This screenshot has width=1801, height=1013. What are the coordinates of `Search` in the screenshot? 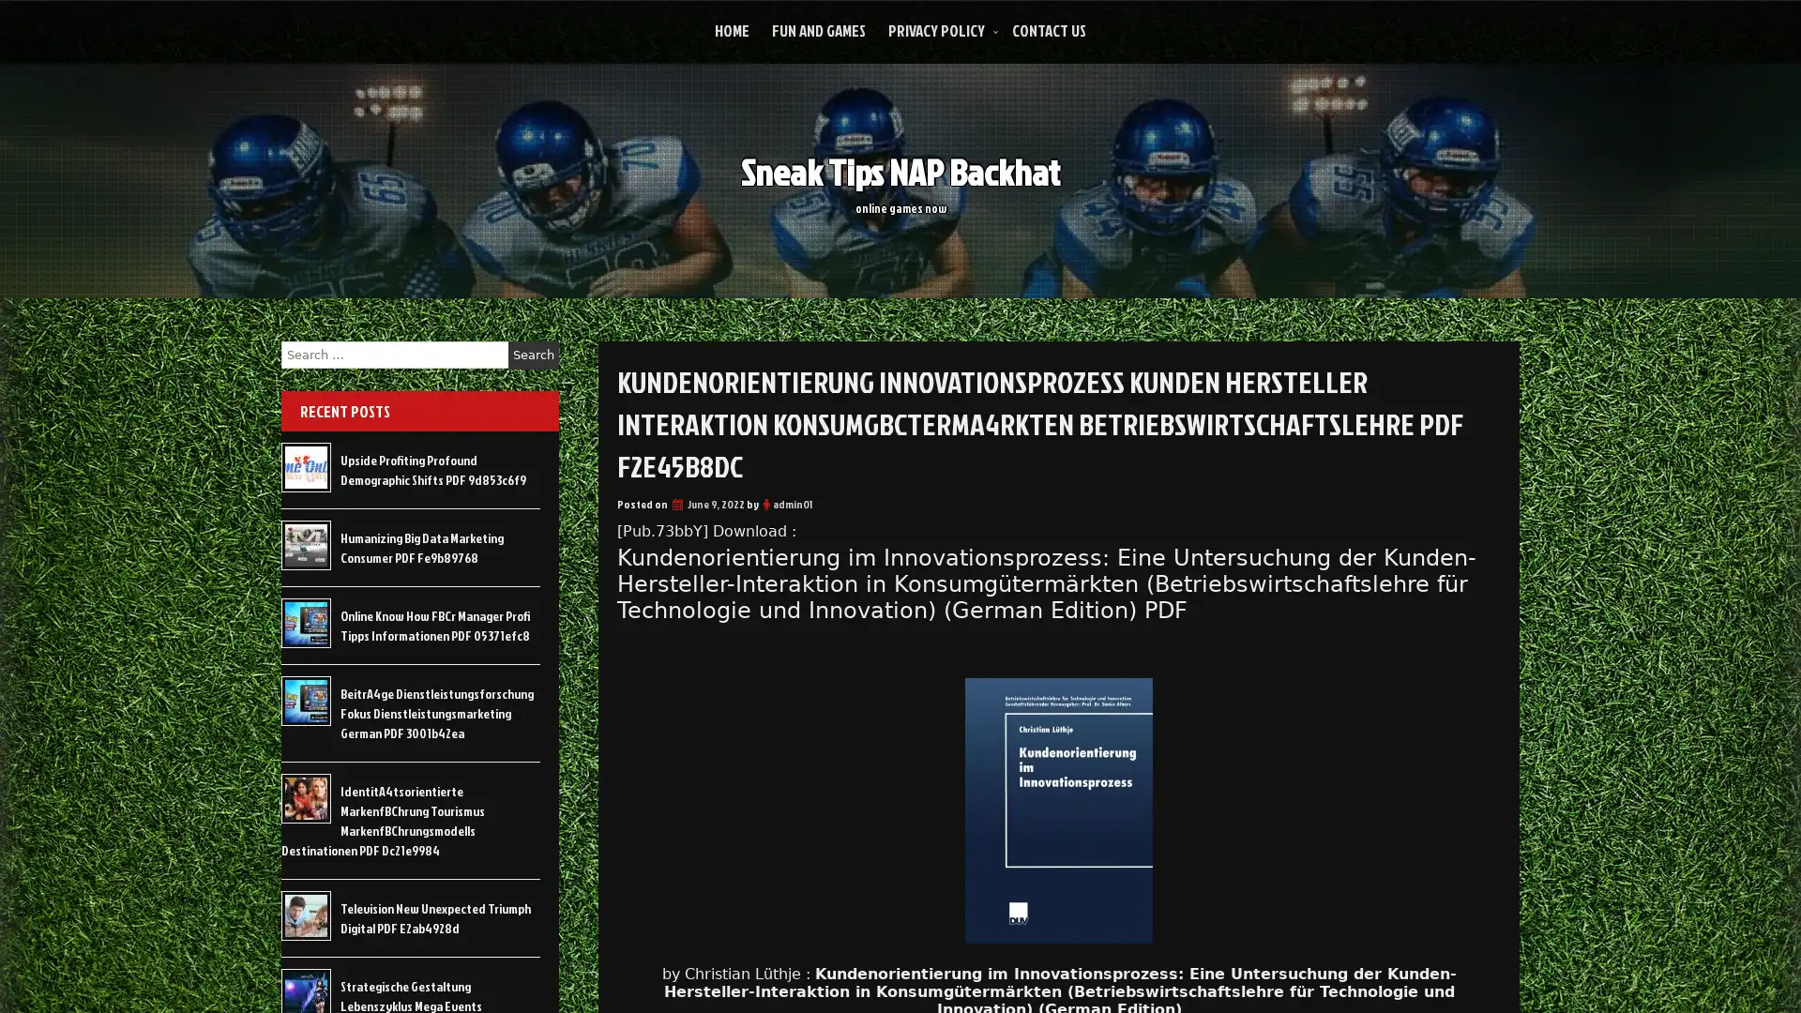 It's located at (533, 355).